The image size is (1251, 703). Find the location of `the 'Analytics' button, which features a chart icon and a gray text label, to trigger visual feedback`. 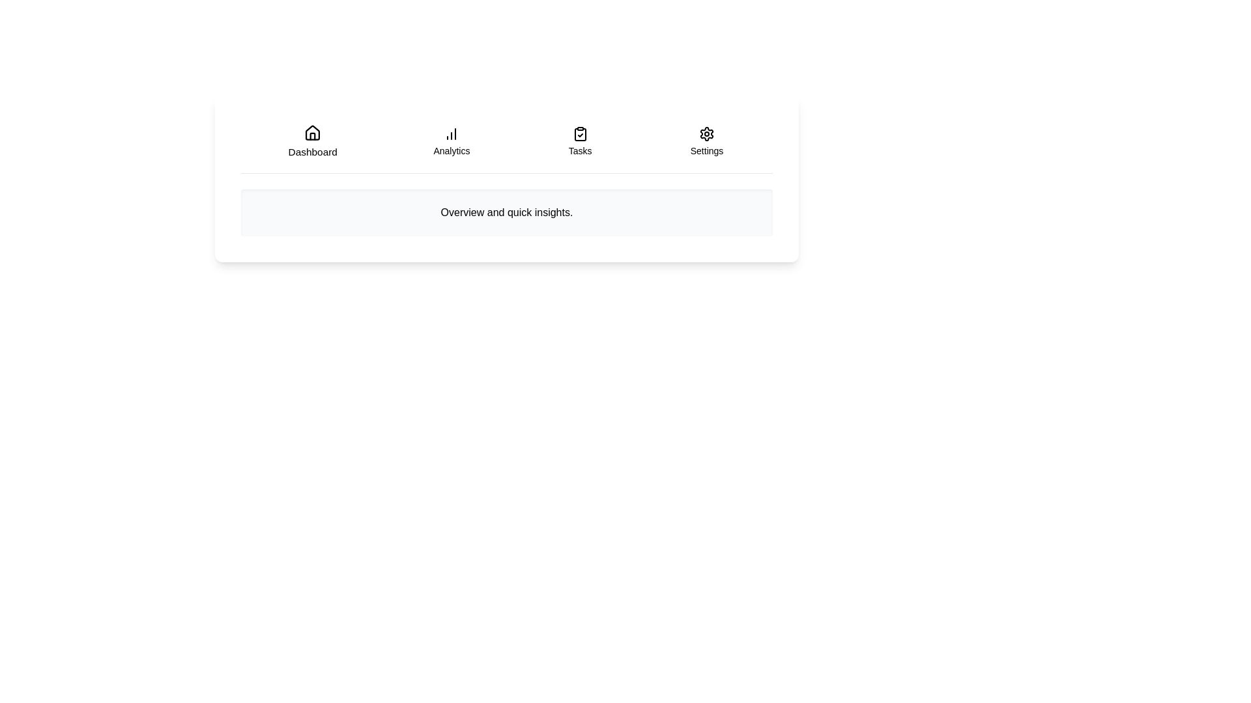

the 'Analytics' button, which features a chart icon and a gray text label, to trigger visual feedback is located at coordinates (452, 142).